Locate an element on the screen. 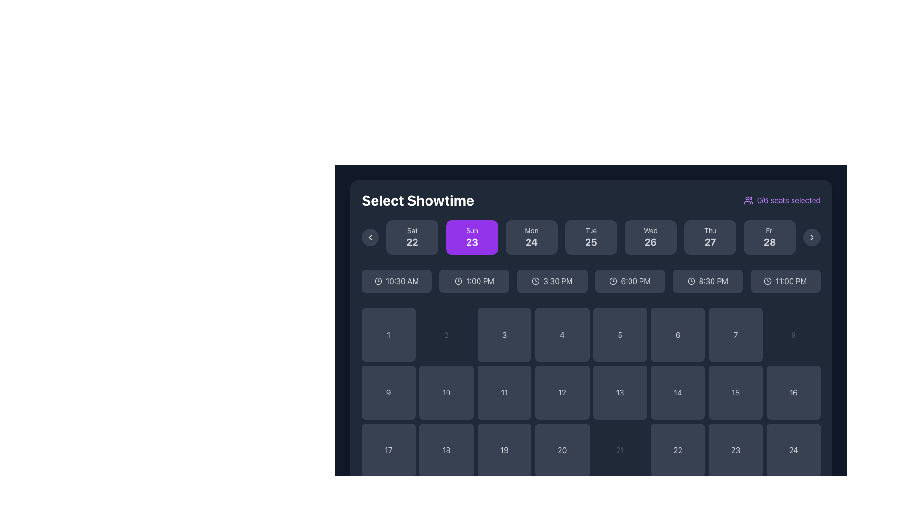 This screenshot has width=915, height=514. the Text label that indicates the specific day of the week (Sunday) for the selected date '23', located in the 'Select Showtime' panel inside a purple highlighted box is located at coordinates (472, 231).